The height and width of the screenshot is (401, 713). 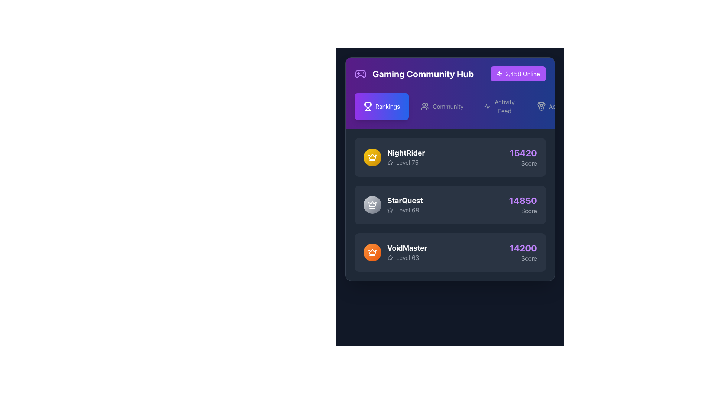 What do you see at coordinates (404, 205) in the screenshot?
I see `the 'StarQuest' Leaderboard entry` at bounding box center [404, 205].